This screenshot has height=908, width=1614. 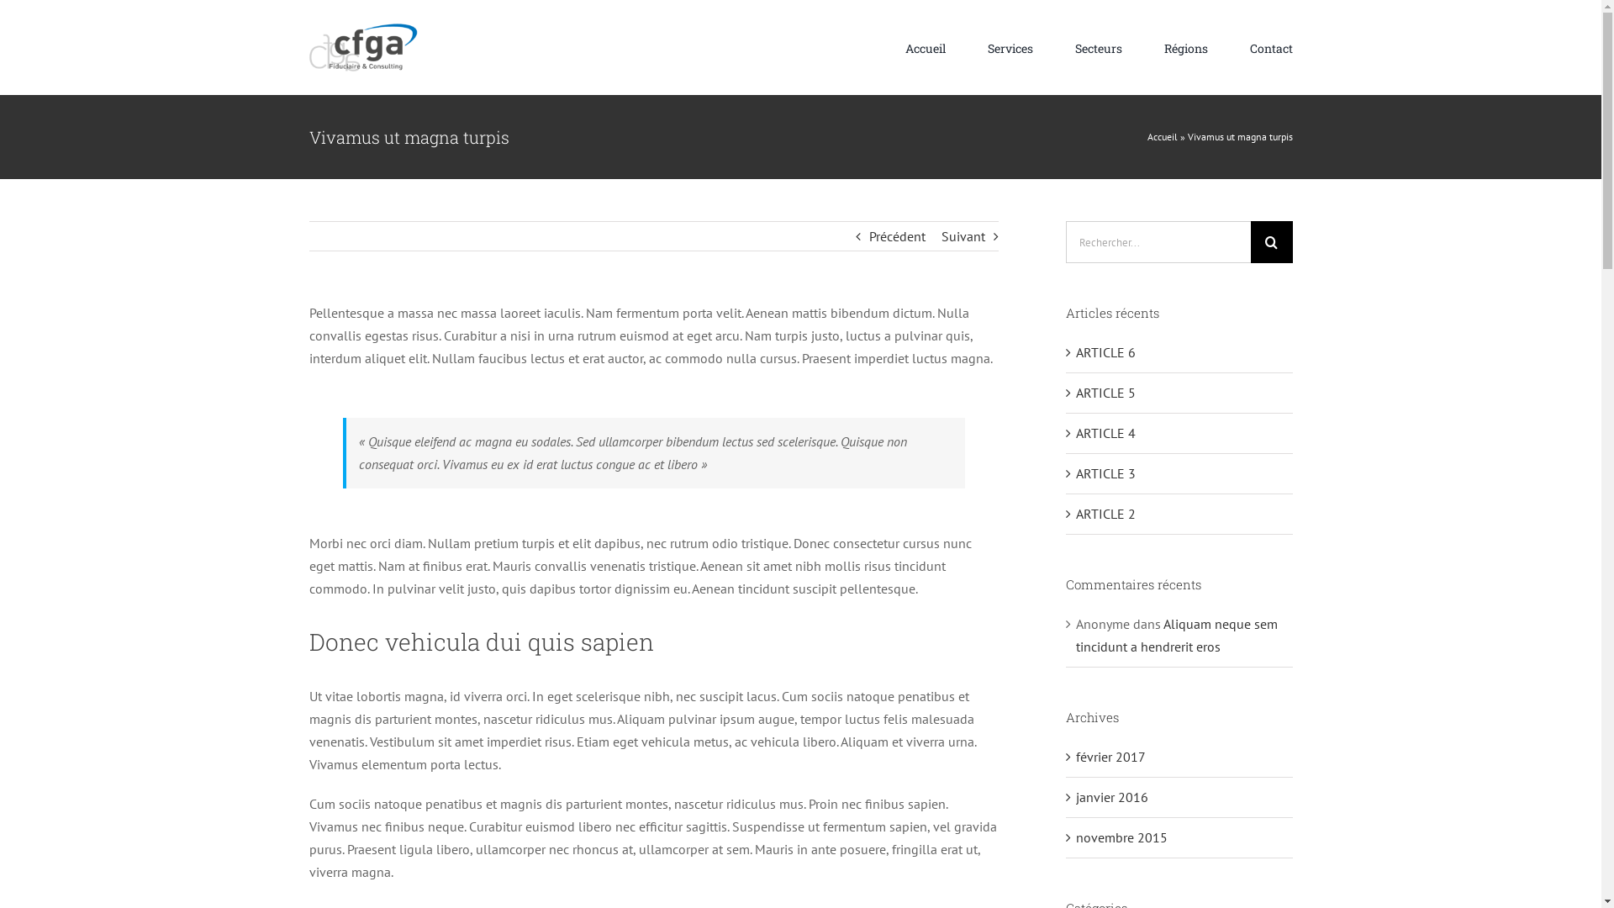 What do you see at coordinates (1105, 392) in the screenshot?
I see `'ARTICLE 5'` at bounding box center [1105, 392].